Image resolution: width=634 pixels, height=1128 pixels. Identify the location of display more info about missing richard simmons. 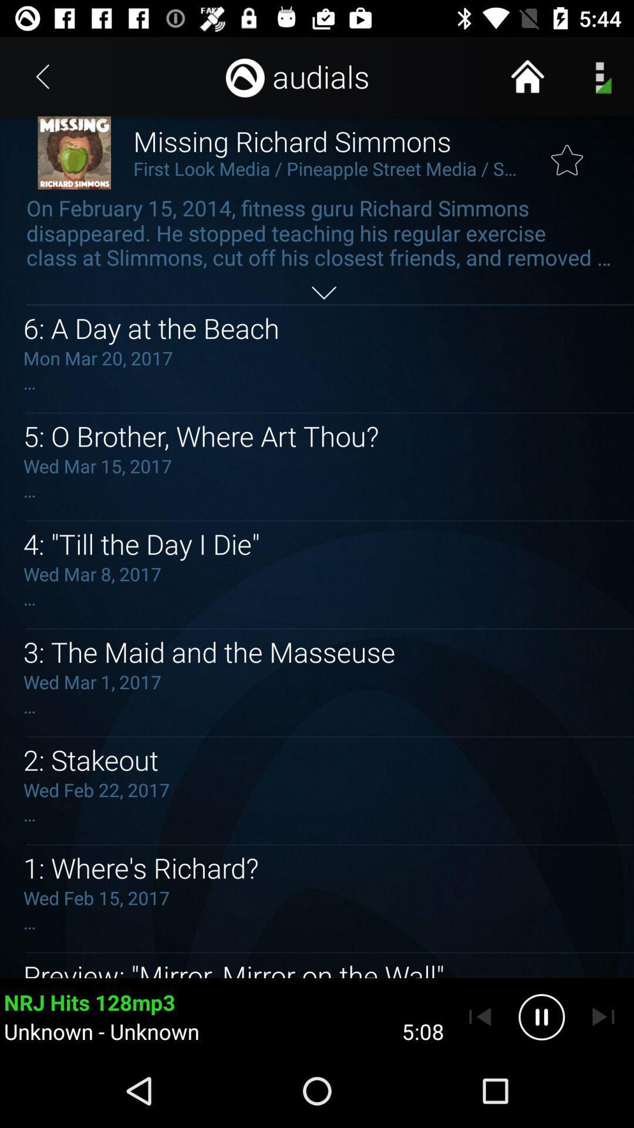
(323, 293).